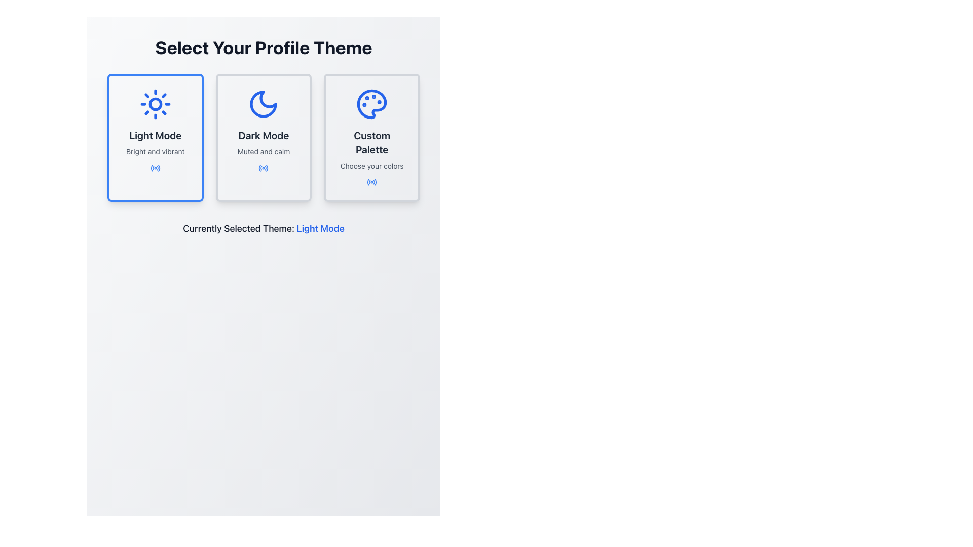  What do you see at coordinates (371, 104) in the screenshot?
I see `the decorative icon representing the theme selection option for the 'Custom Palette' card, which is the topmost element in the card titled 'Custom Palette' with the subtitle 'Choose your colors'` at bounding box center [371, 104].